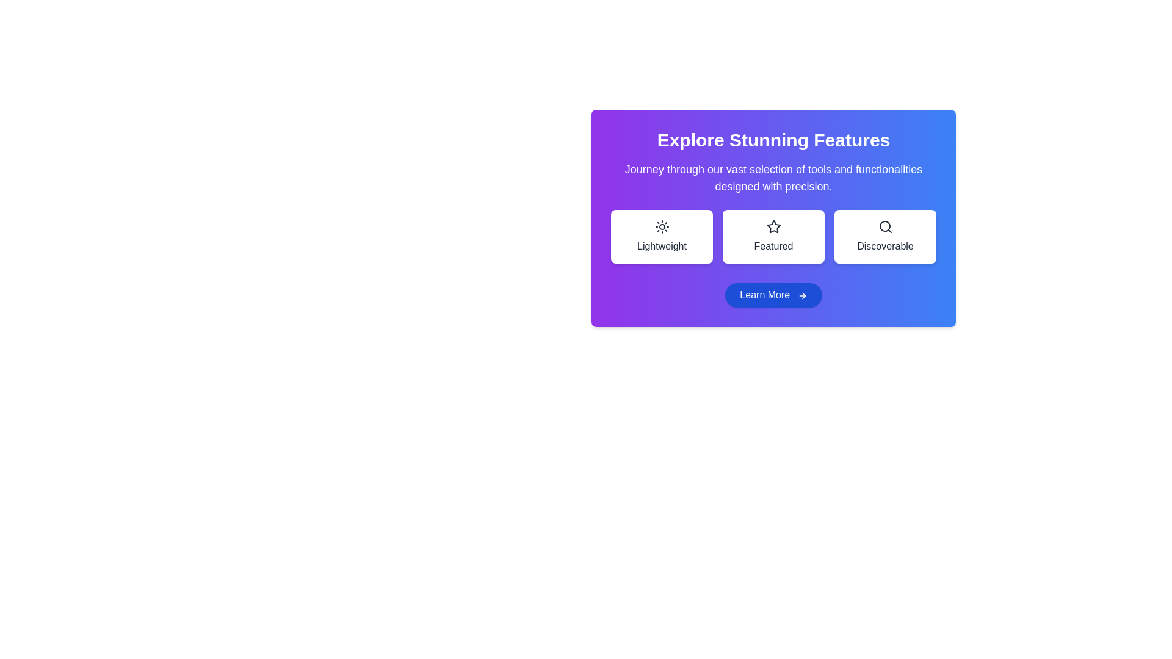 Image resolution: width=1172 pixels, height=659 pixels. I want to click on the 'Featured' card, which is the second card in a row of three, so click(773, 237).